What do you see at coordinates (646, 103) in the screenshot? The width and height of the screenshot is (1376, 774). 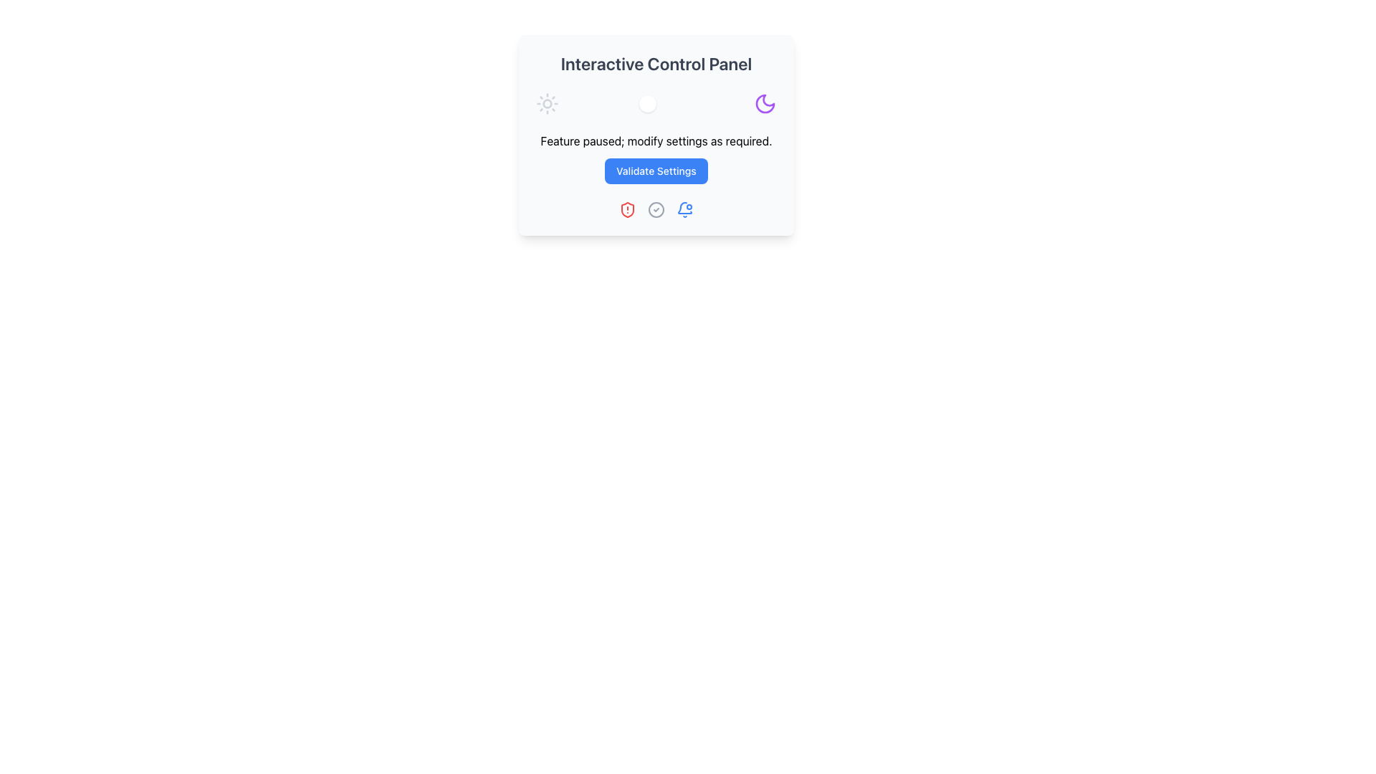 I see `the circular toggle knob, which has a white background and subtle shadow effect` at bounding box center [646, 103].